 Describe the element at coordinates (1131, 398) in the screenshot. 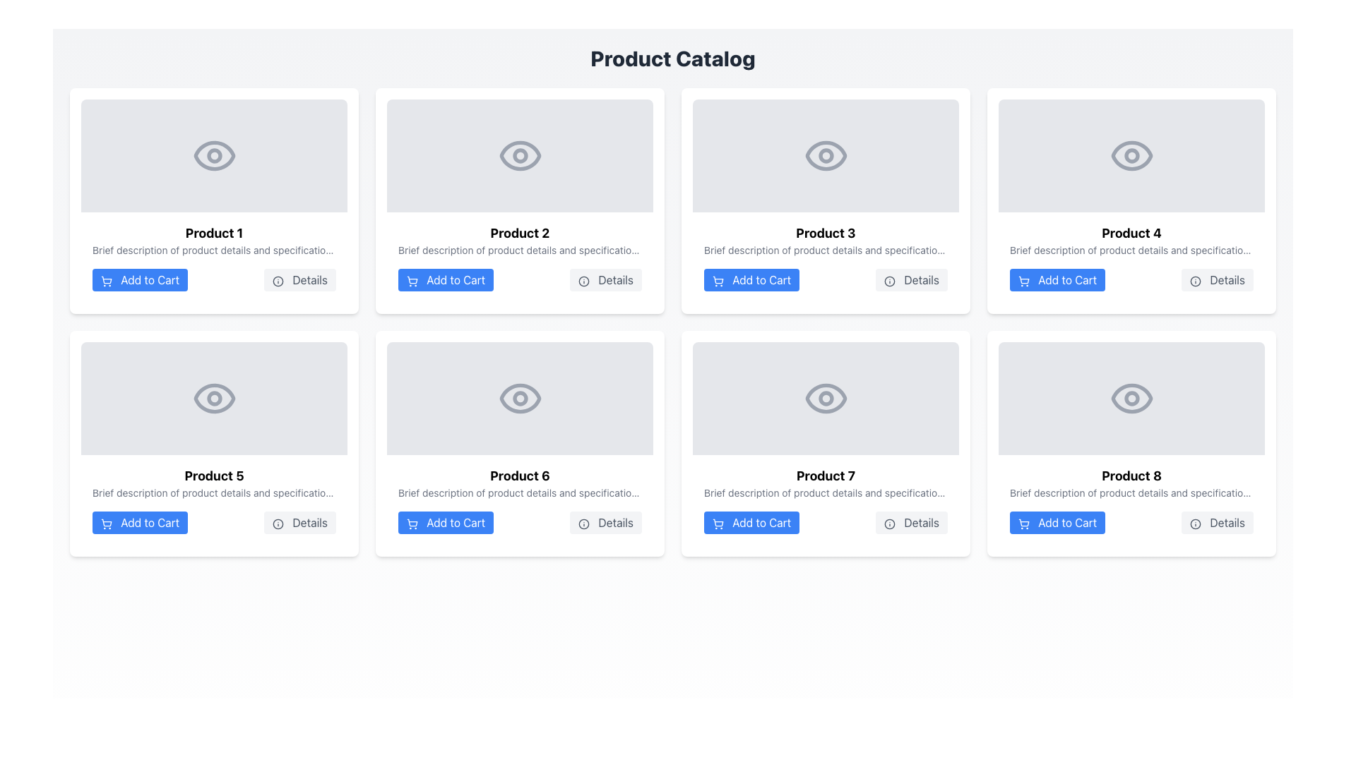

I see `the visibility icon located at the top-center of the eighth product card labeled 'Product 8' to initiate a preview action` at that location.